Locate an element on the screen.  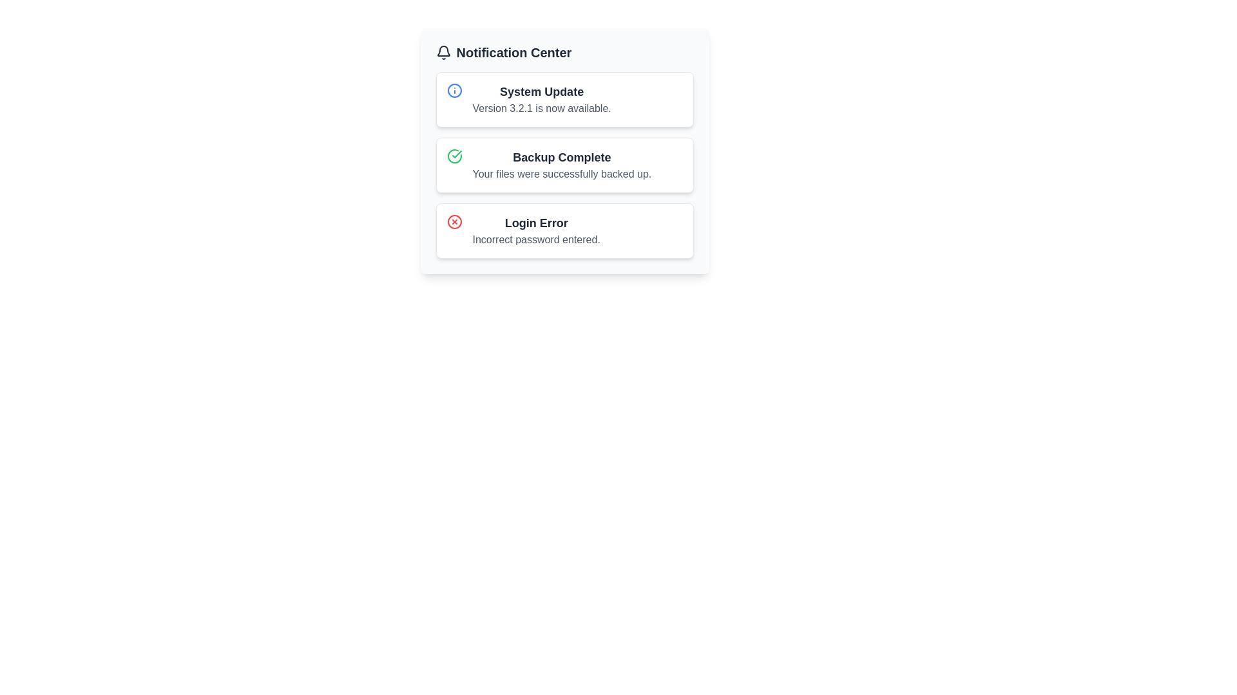
message content of the text block displaying 'Backup Complete' and 'Your files were successfully backed up.' which is located in the second notification card under the 'Notification Center' header is located at coordinates (562, 165).